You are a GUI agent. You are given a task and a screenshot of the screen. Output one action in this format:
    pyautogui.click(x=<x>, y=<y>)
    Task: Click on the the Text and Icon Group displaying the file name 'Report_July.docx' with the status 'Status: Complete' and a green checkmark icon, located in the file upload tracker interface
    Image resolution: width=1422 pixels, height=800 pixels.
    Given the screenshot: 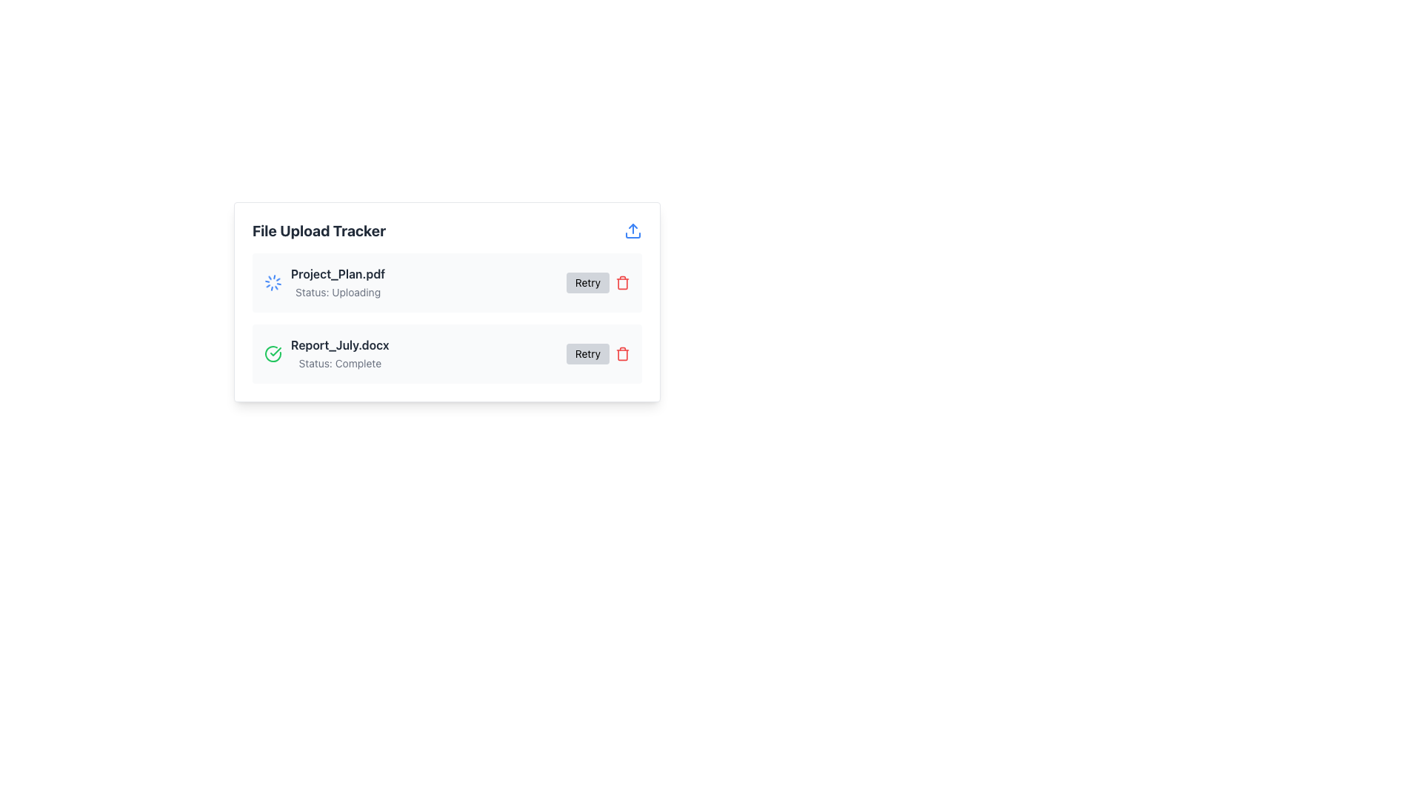 What is the action you would take?
    pyautogui.click(x=326, y=354)
    